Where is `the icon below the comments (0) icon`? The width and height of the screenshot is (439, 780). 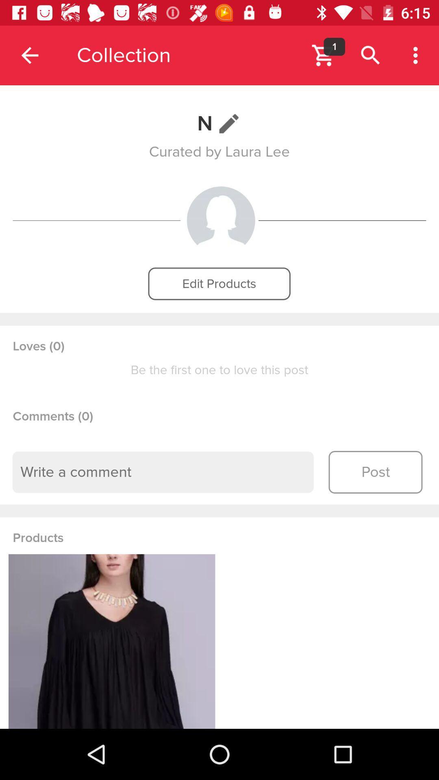
the icon below the comments (0) icon is located at coordinates (163, 472).